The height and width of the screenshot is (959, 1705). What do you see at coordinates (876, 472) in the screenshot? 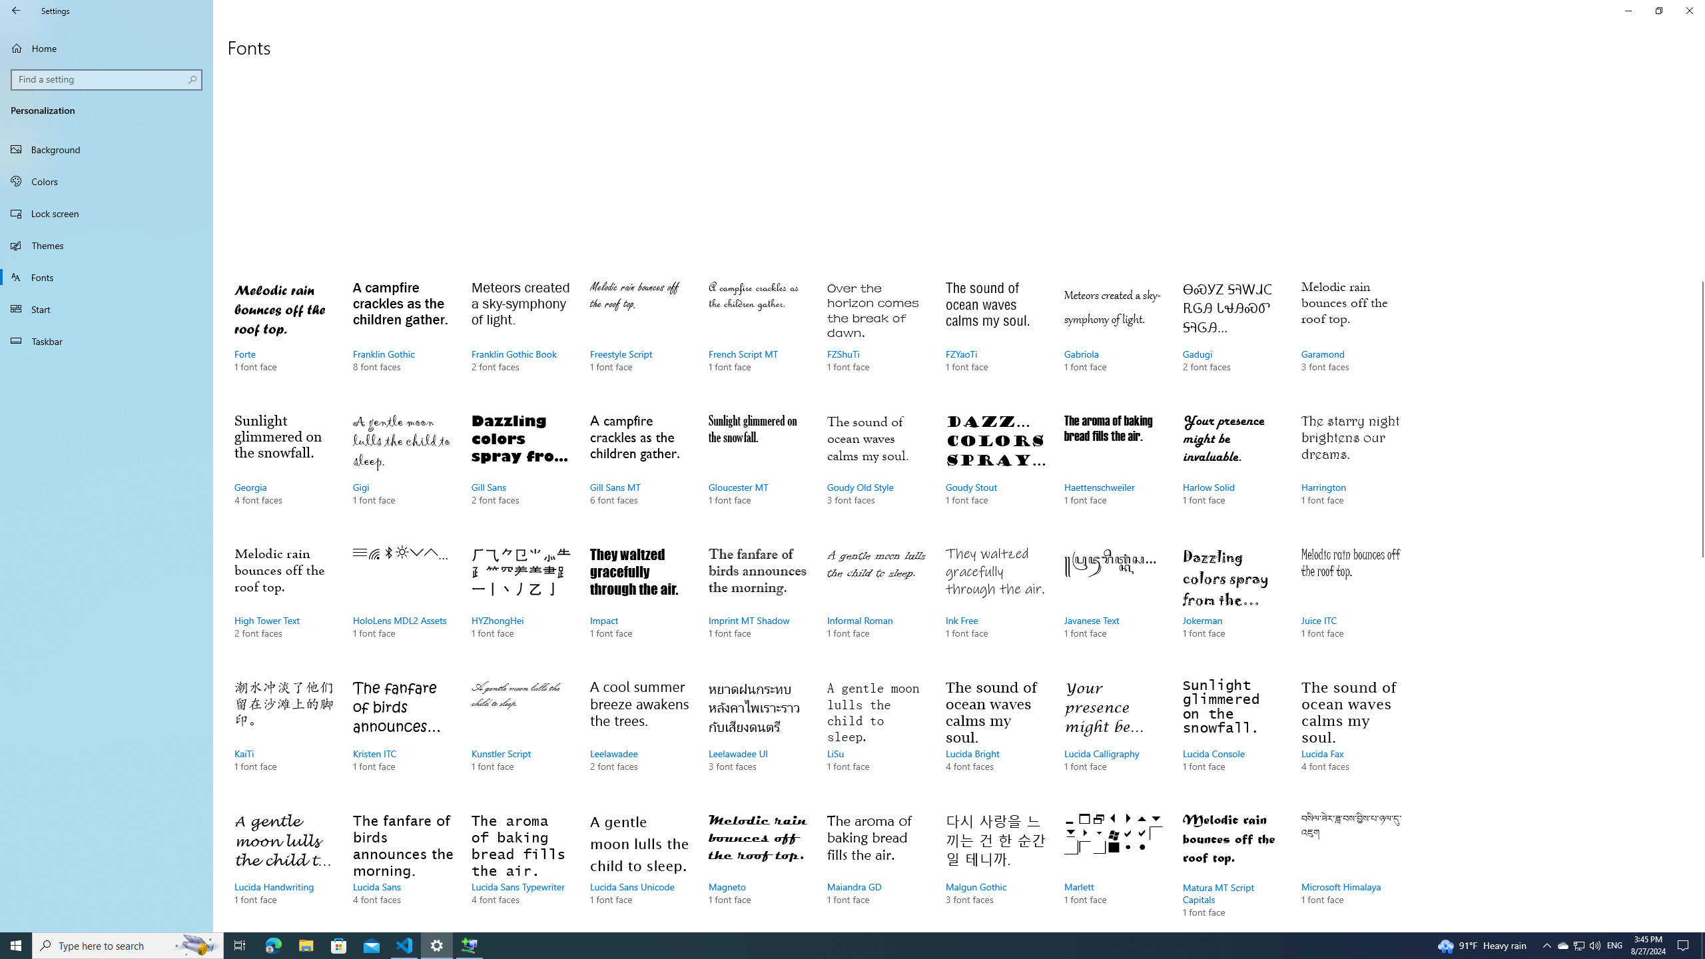
I see `'Goudy Old Style, 3 font faces'` at bounding box center [876, 472].